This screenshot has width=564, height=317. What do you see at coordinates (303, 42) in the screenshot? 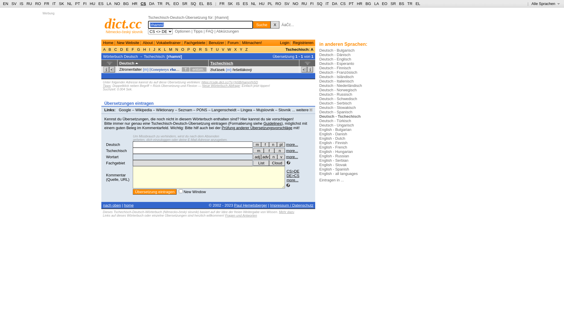
I see `'Registrieren'` at bounding box center [303, 42].